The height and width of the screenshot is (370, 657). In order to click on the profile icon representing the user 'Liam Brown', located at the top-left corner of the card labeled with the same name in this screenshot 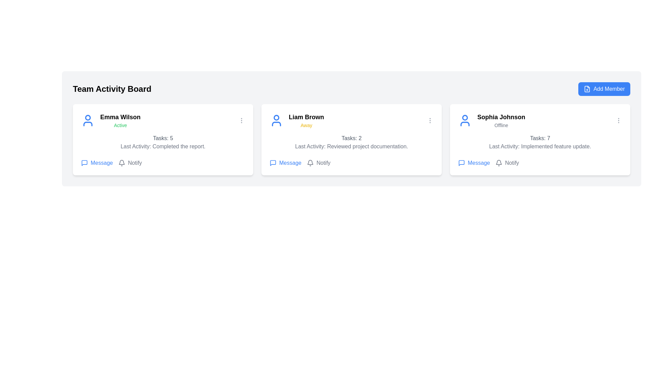, I will do `click(276, 120)`.